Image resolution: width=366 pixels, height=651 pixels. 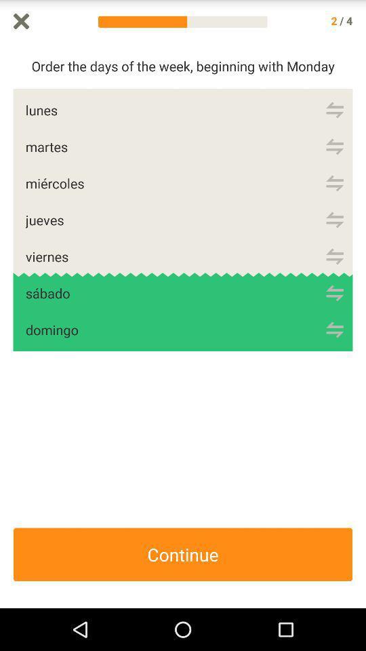 I want to click on the swap icon, so click(x=334, y=352).